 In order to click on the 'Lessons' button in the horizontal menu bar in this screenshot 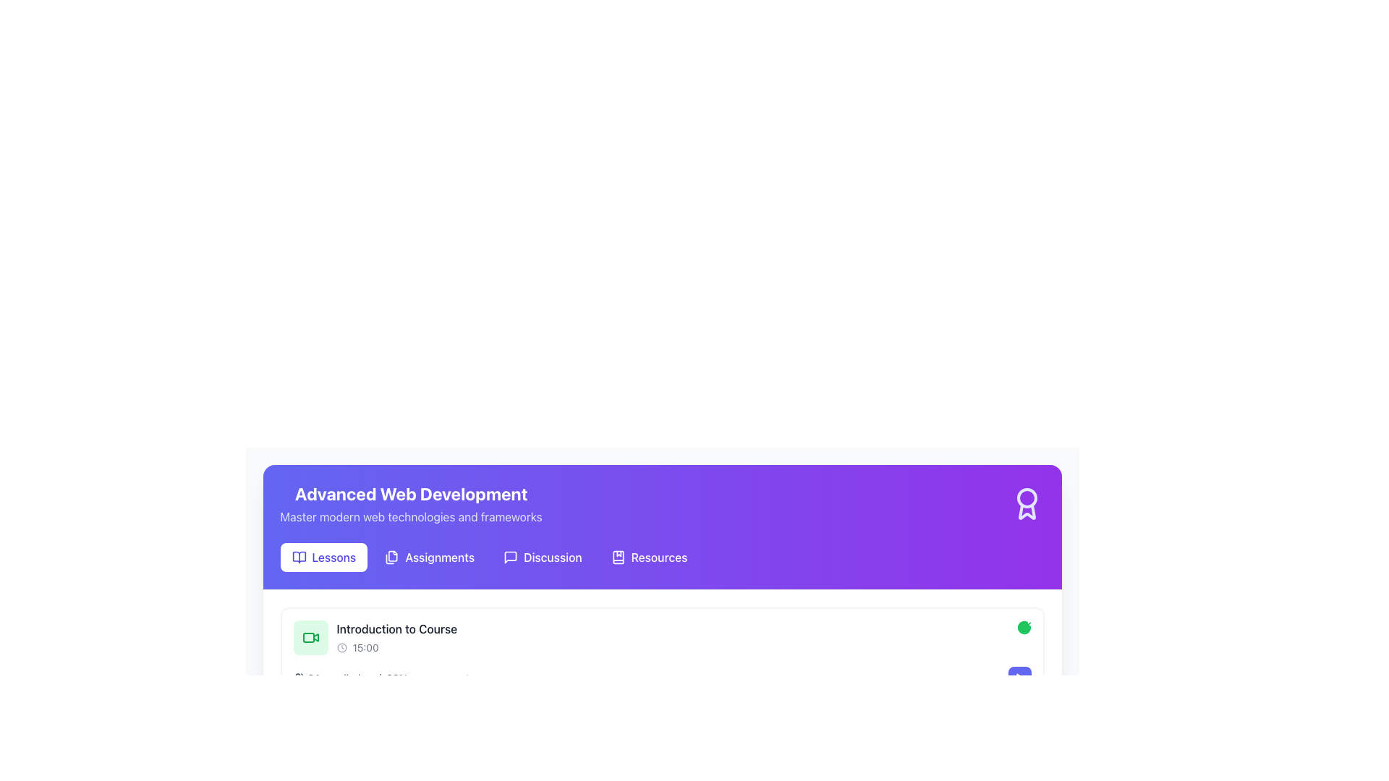, I will do `click(323, 557)`.